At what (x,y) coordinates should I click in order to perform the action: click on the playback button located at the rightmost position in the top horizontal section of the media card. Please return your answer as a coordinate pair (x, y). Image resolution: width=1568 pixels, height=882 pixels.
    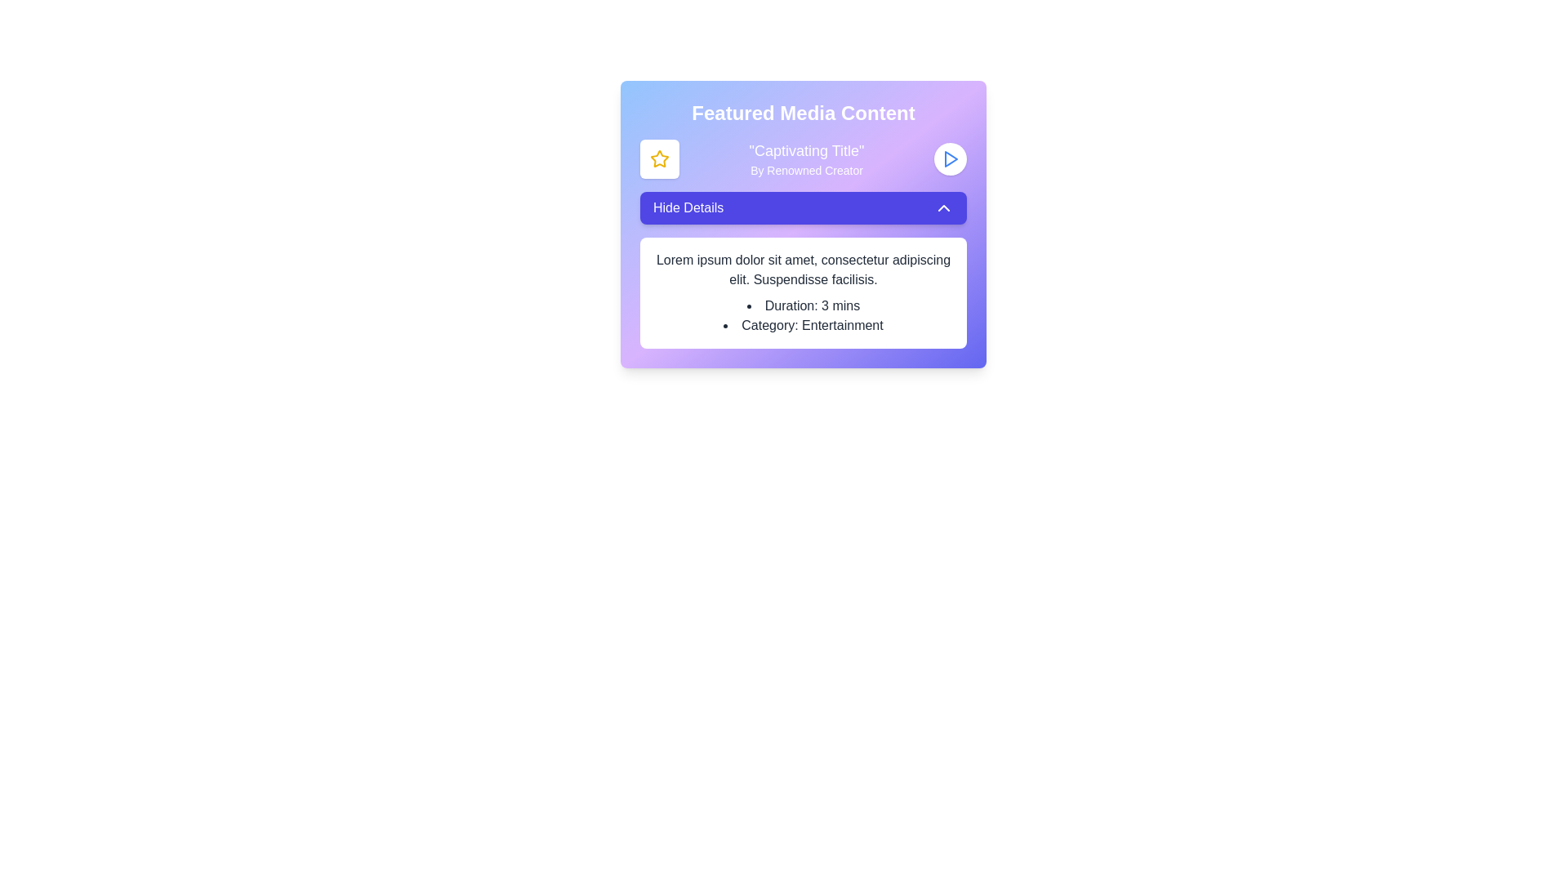
    Looking at the image, I should click on (950, 159).